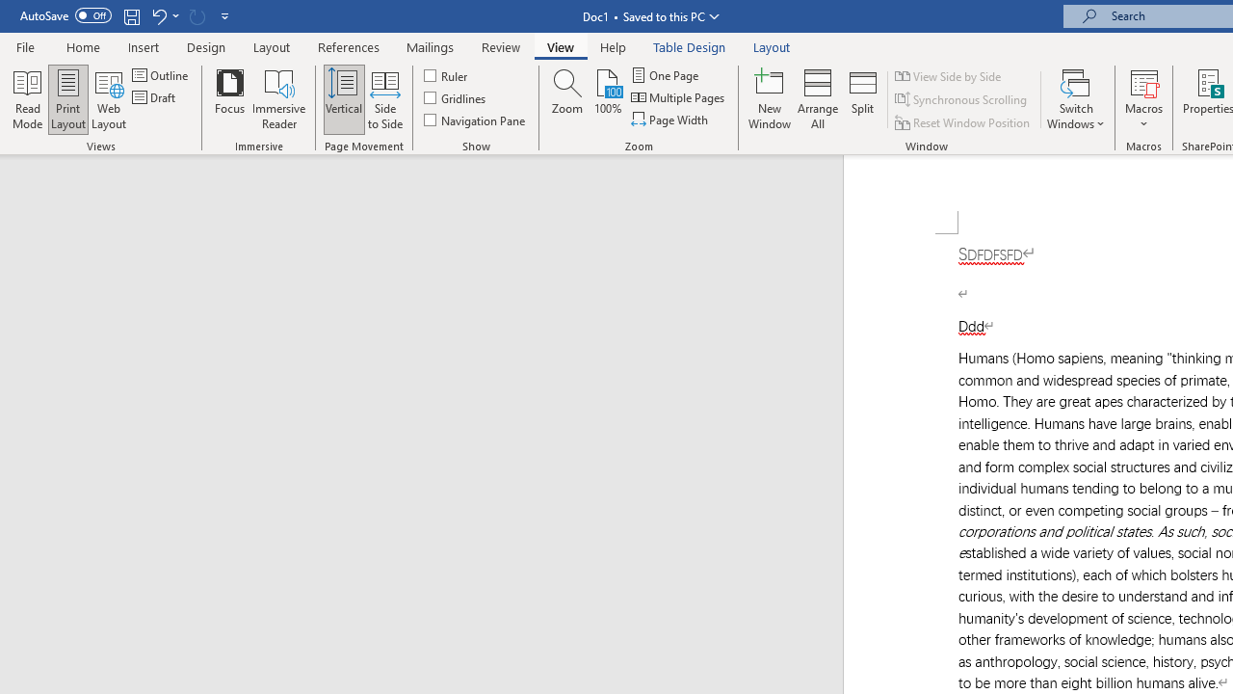 The image size is (1233, 694). What do you see at coordinates (962, 99) in the screenshot?
I see `'Synchronous Scrolling'` at bounding box center [962, 99].